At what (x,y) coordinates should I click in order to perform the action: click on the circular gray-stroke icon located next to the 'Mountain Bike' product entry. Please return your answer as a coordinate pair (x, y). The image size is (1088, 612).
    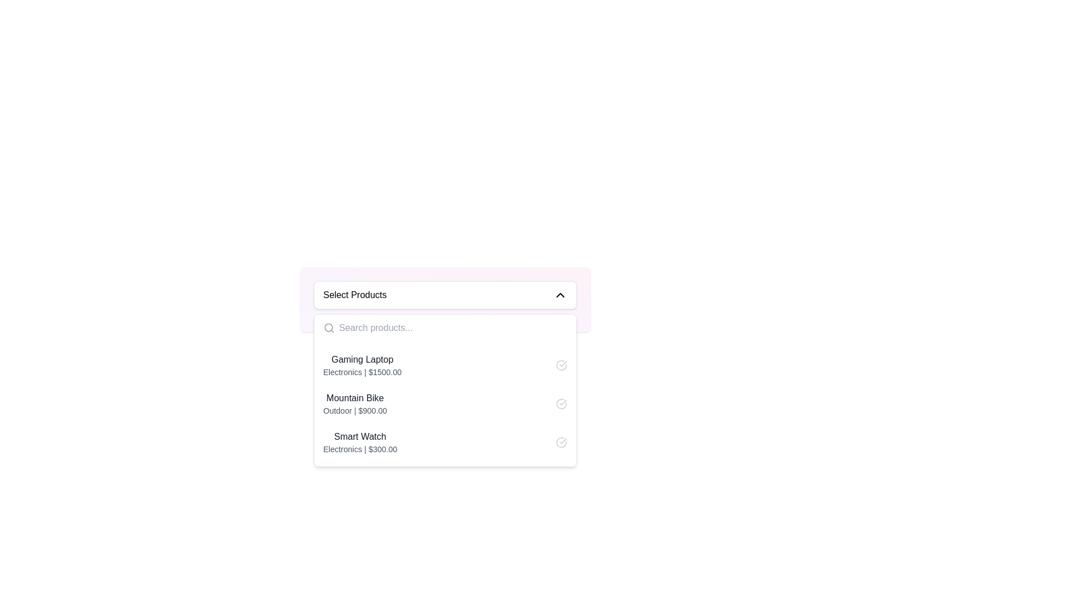
    Looking at the image, I should click on (561, 403).